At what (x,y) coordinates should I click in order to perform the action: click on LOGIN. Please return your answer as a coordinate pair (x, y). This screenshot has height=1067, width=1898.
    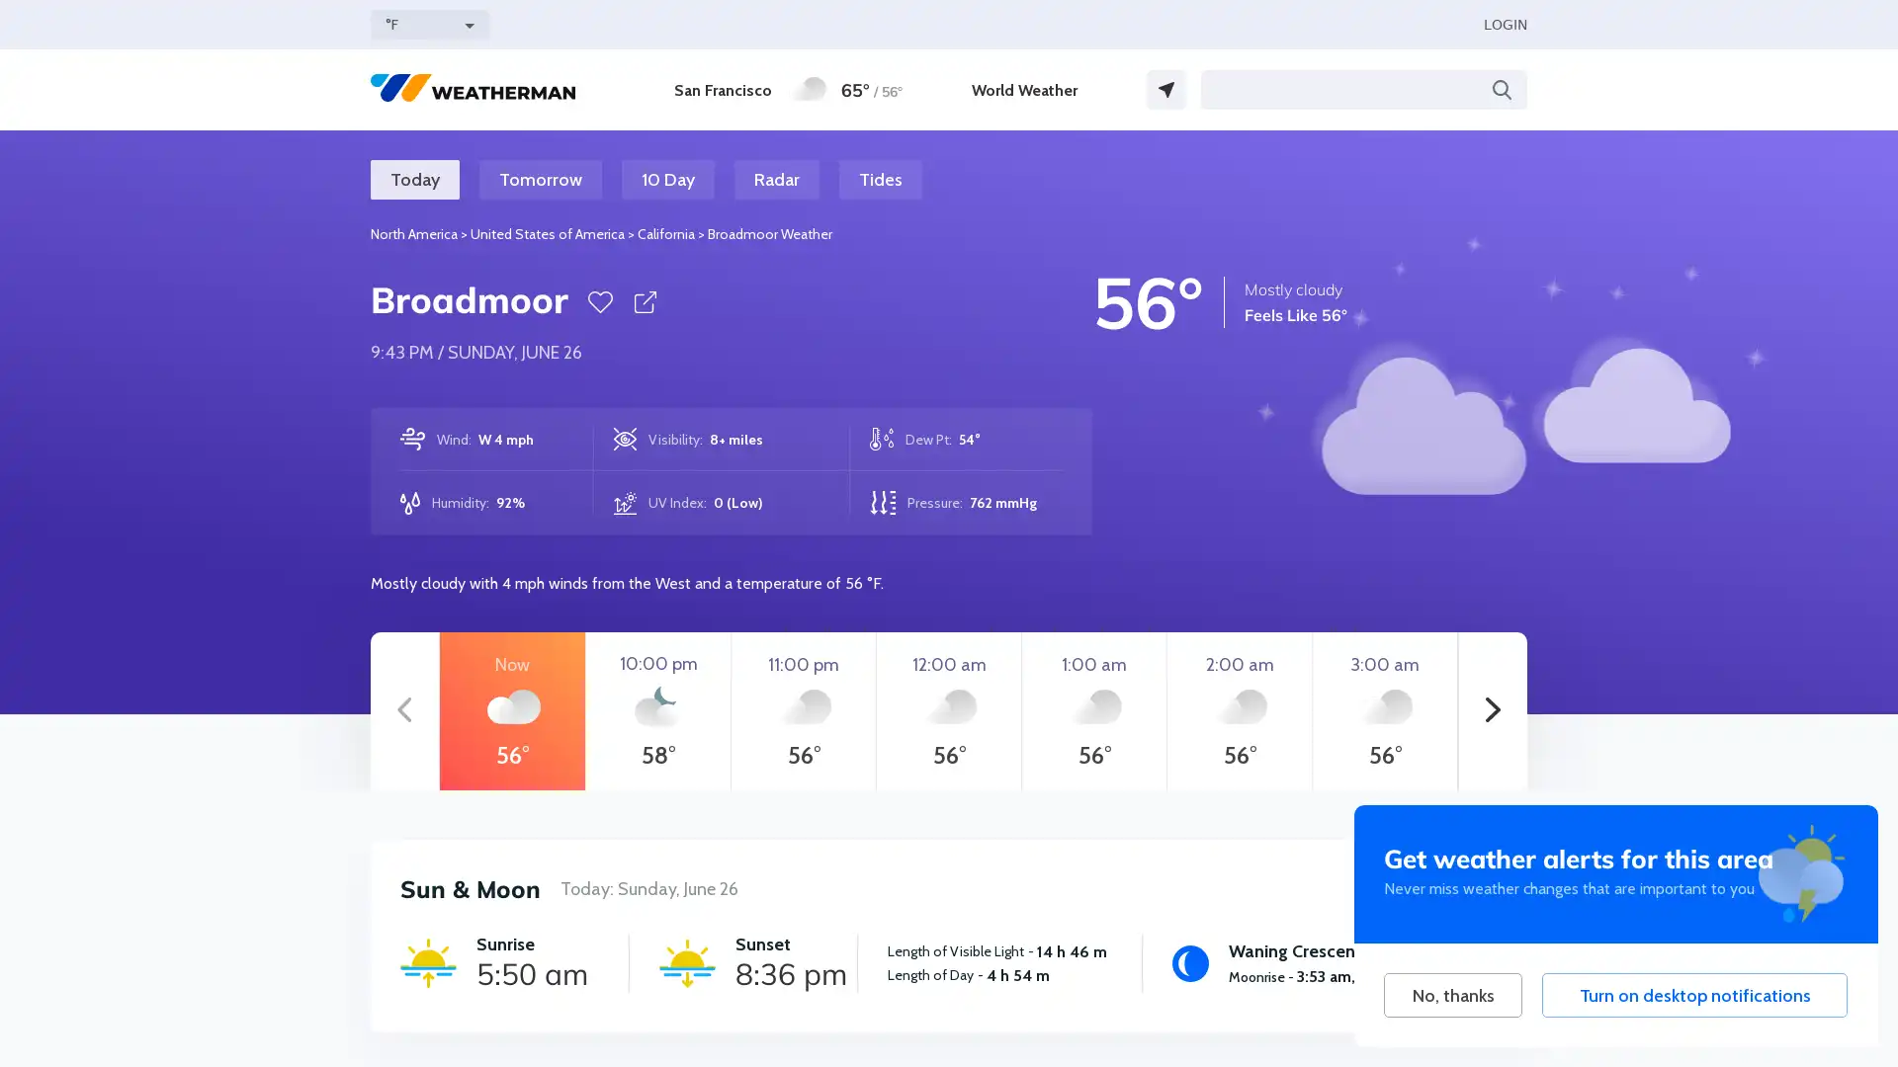
    Looking at the image, I should click on (1504, 24).